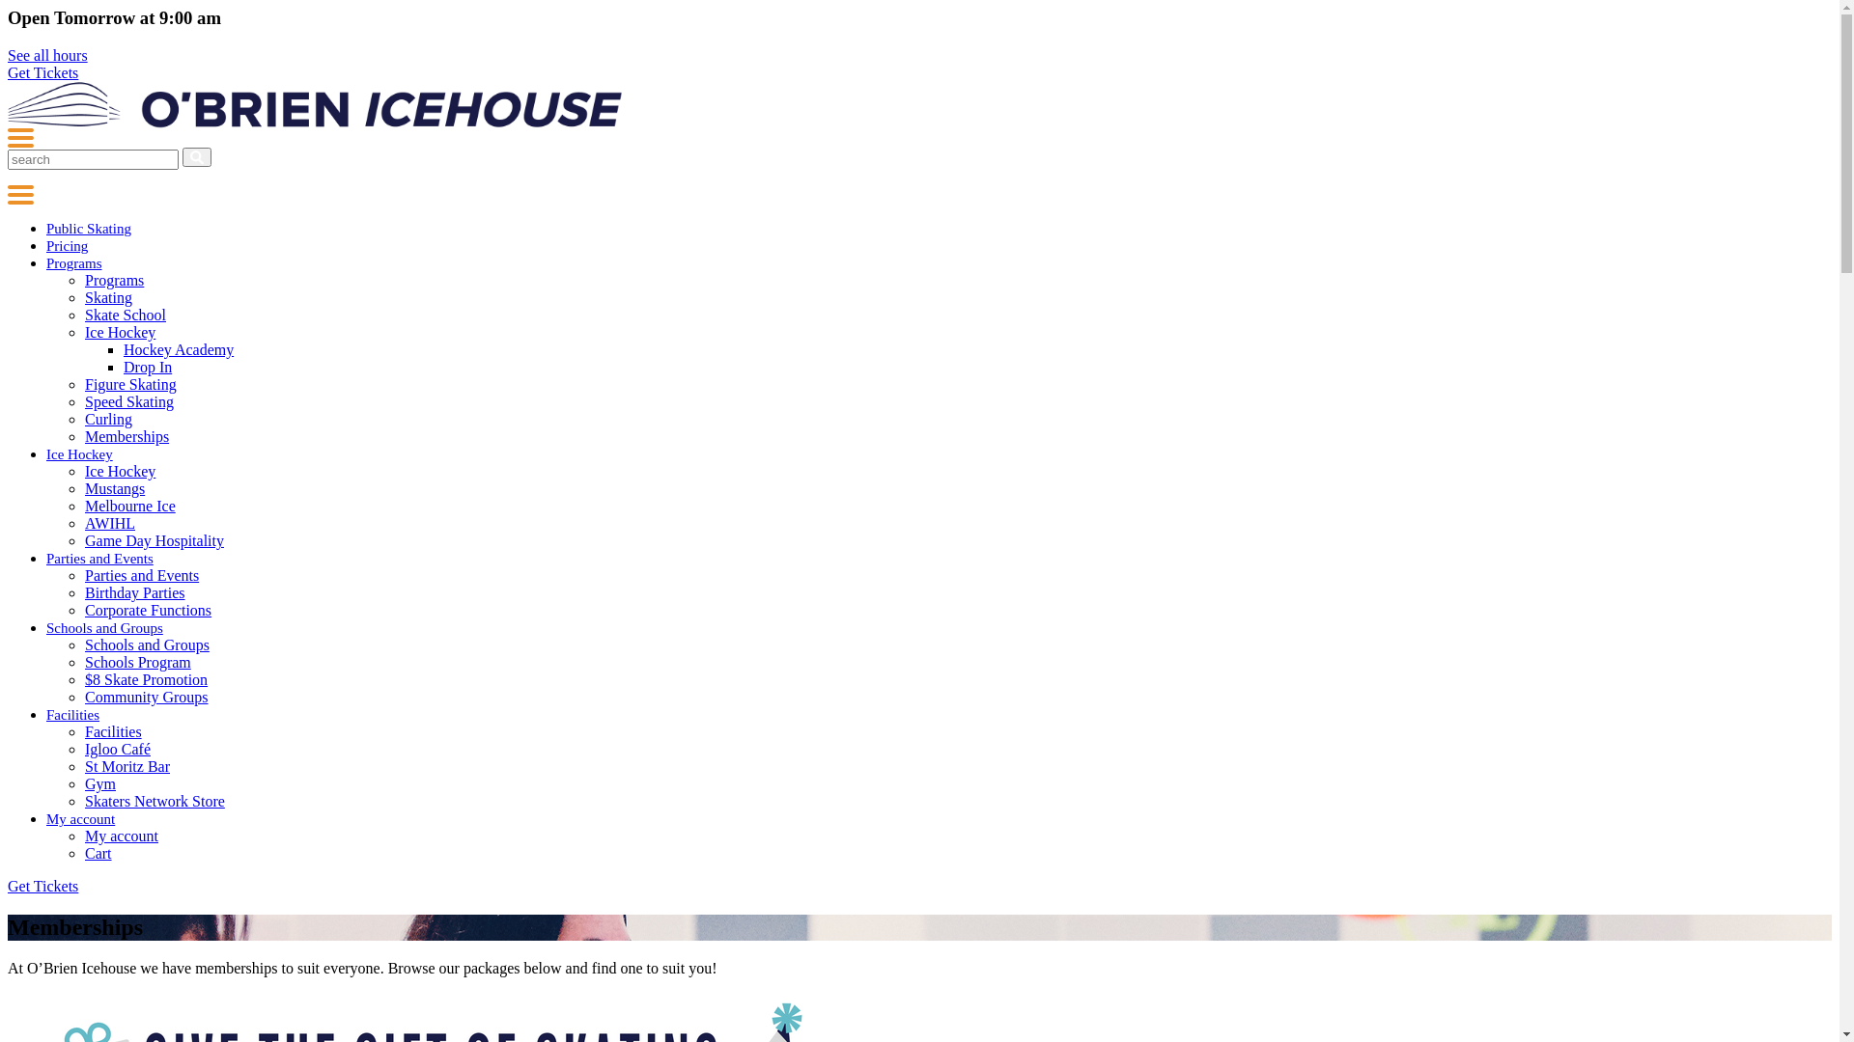 The width and height of the screenshot is (1854, 1042). I want to click on 'Schools and Groups', so click(103, 628).